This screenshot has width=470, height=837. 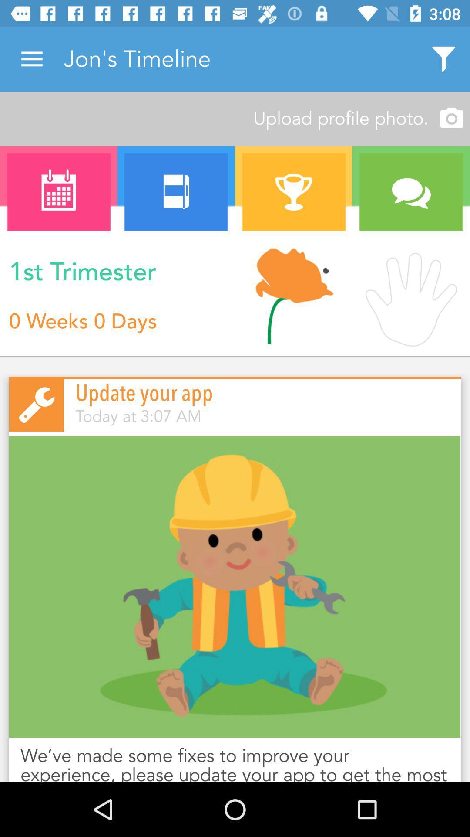 I want to click on icon above the upload profile photo. icon, so click(x=443, y=59).